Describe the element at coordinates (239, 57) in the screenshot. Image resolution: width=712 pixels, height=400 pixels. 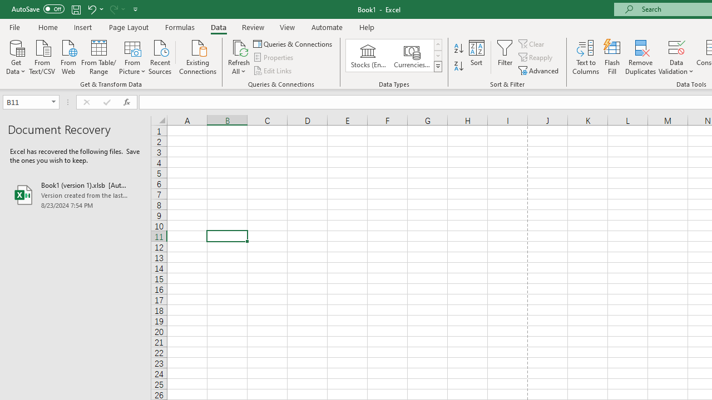
I see `'Refresh All'` at that location.